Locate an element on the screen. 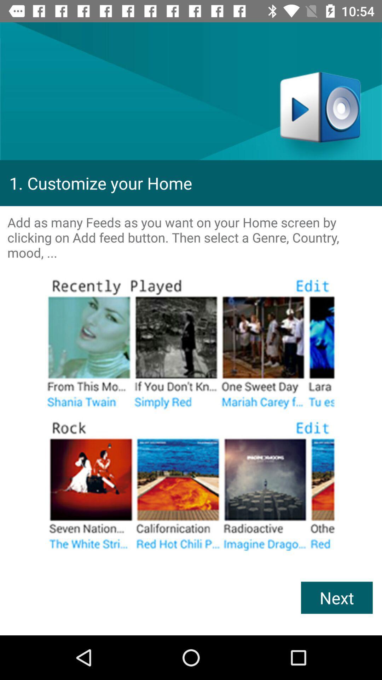 This screenshot has height=680, width=382. the next at the bottom right corner is located at coordinates (336, 597).